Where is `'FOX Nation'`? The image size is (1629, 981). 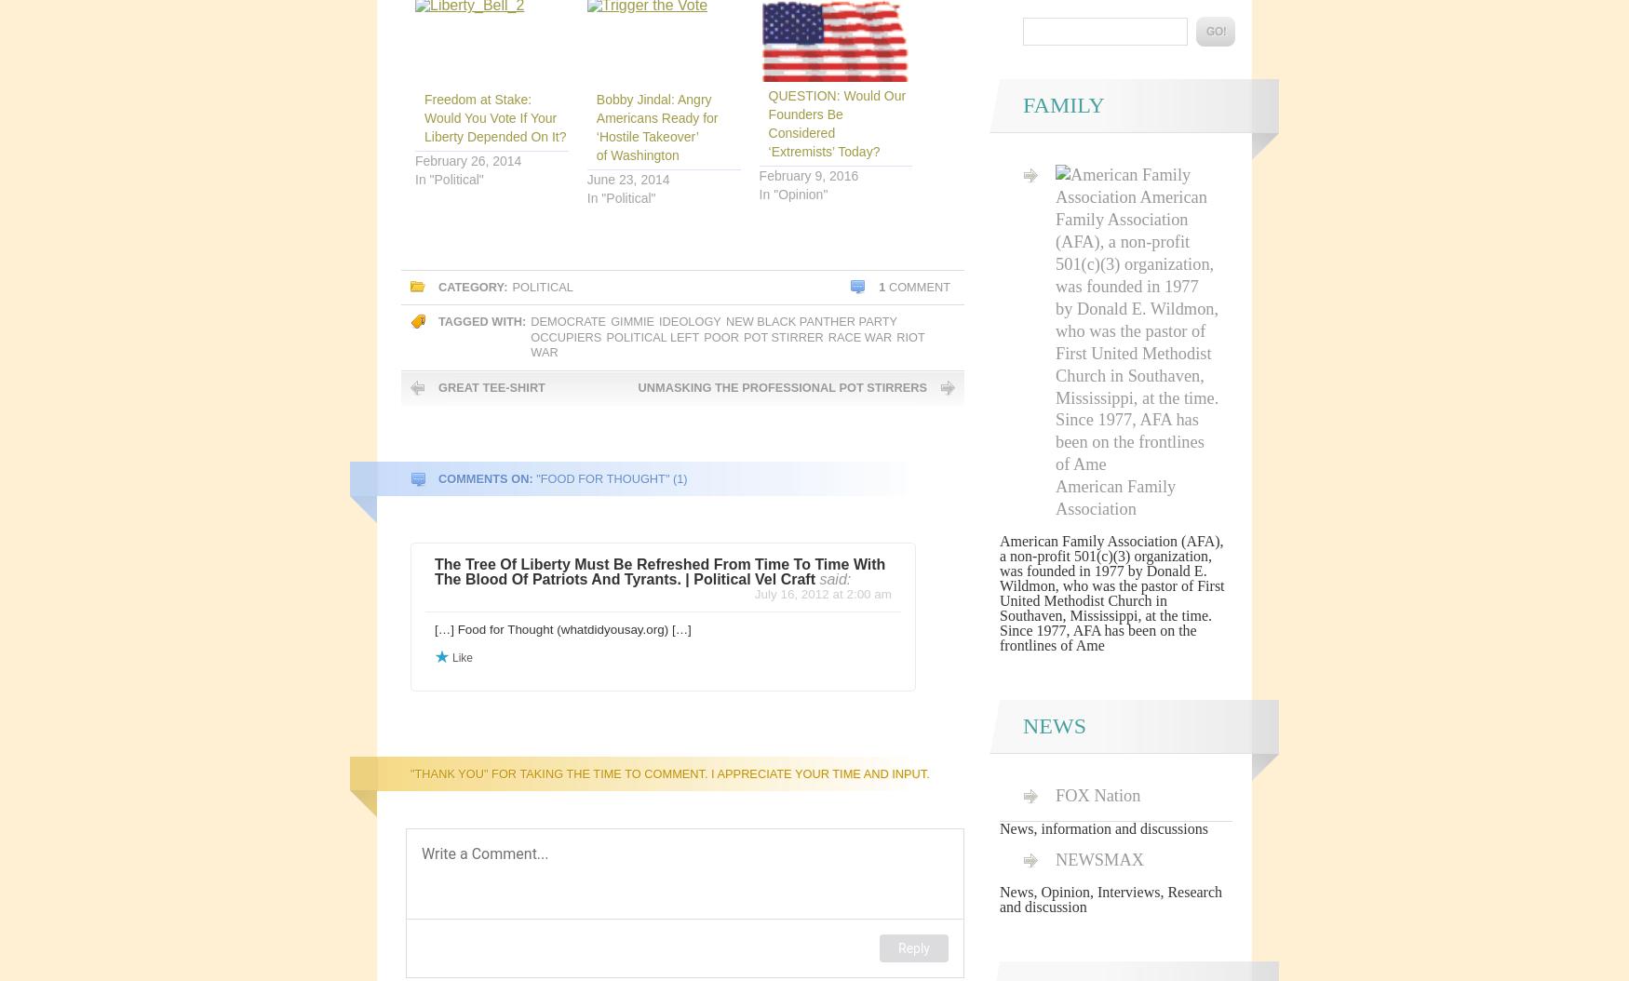 'FOX Nation' is located at coordinates (1055, 794).